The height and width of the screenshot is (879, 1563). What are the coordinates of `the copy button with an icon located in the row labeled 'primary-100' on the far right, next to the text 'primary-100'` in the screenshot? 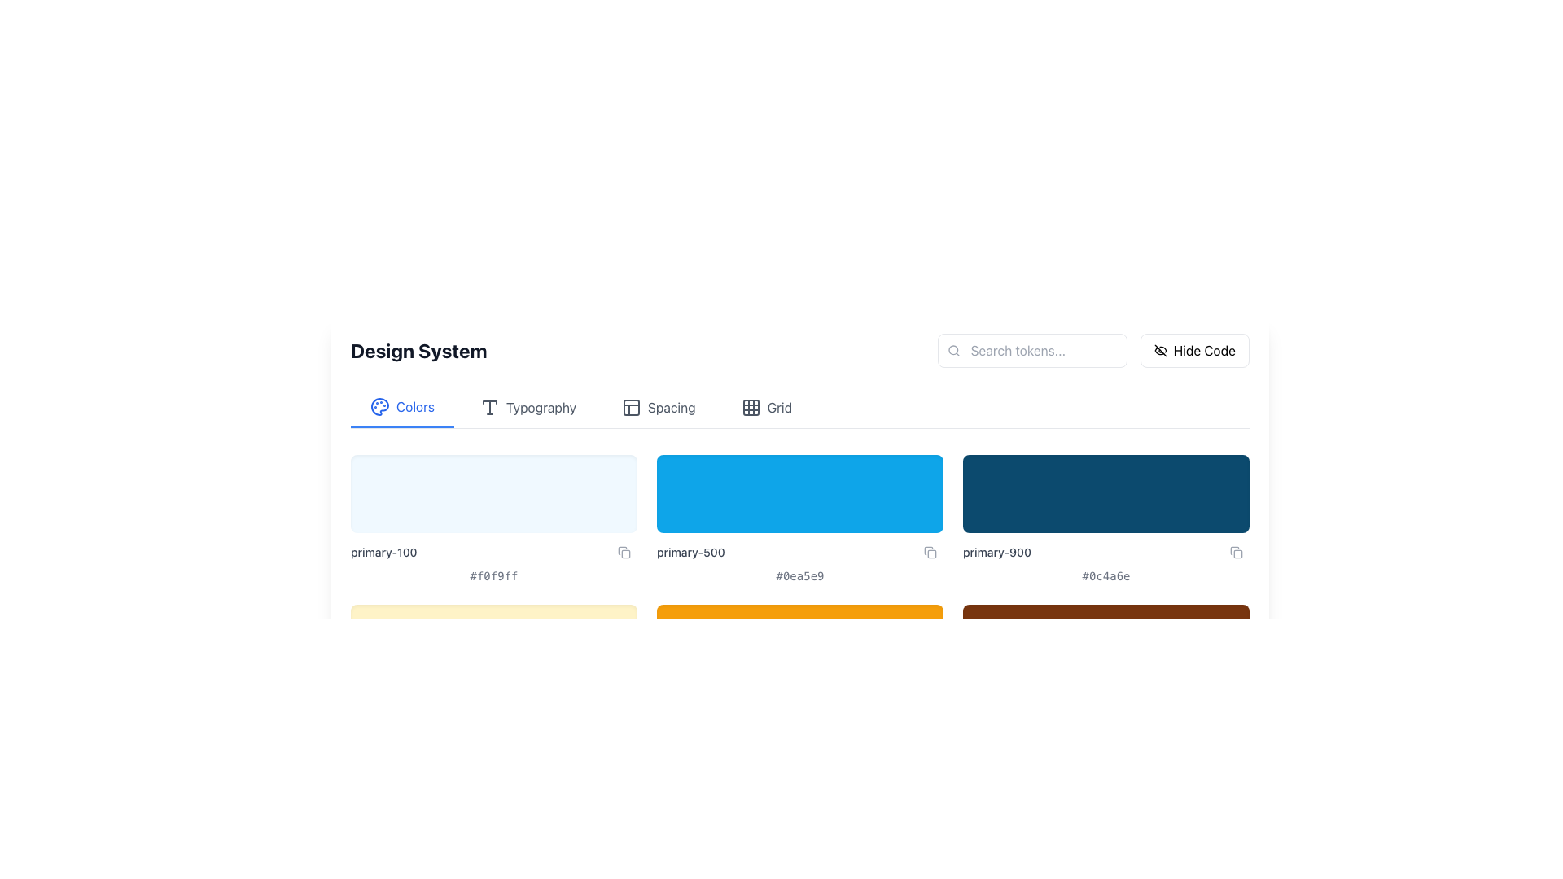 It's located at (624, 551).